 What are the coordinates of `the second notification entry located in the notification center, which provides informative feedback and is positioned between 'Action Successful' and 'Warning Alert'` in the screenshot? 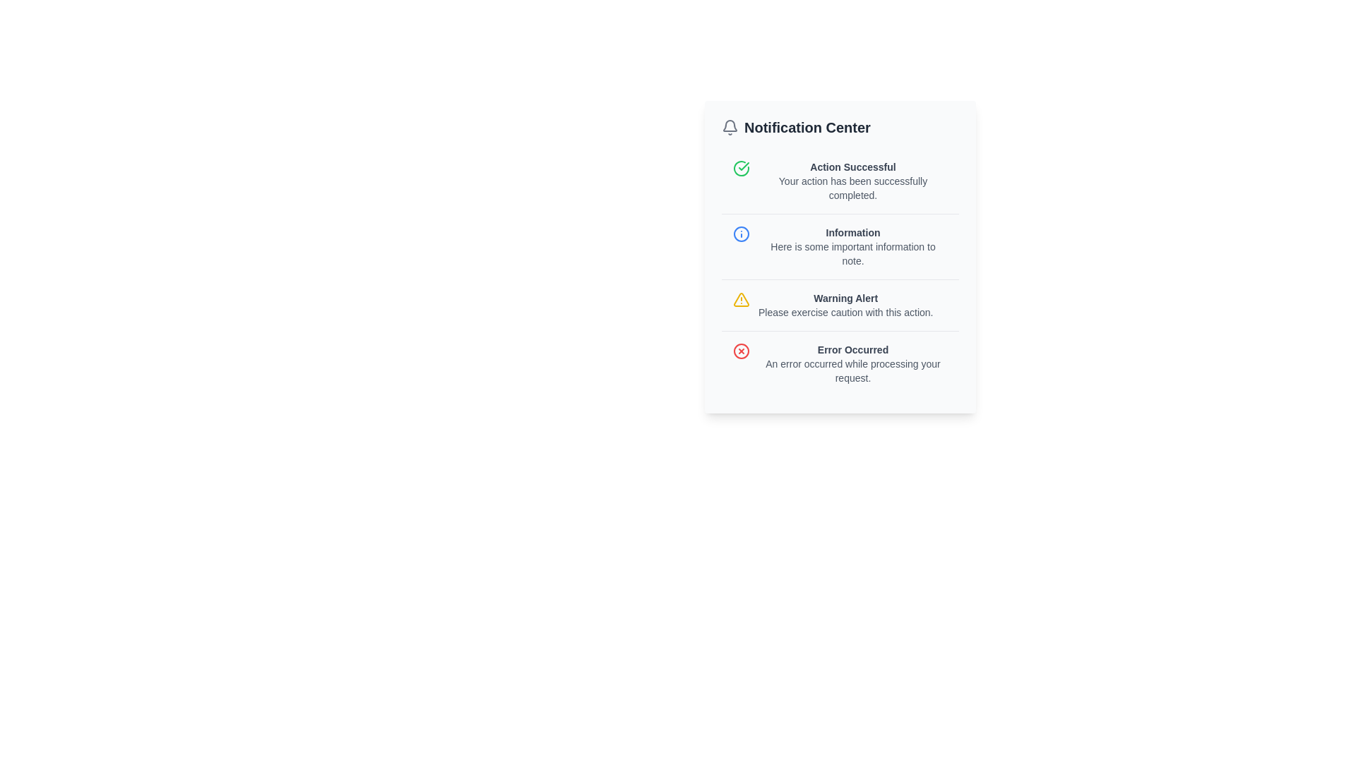 It's located at (840, 272).